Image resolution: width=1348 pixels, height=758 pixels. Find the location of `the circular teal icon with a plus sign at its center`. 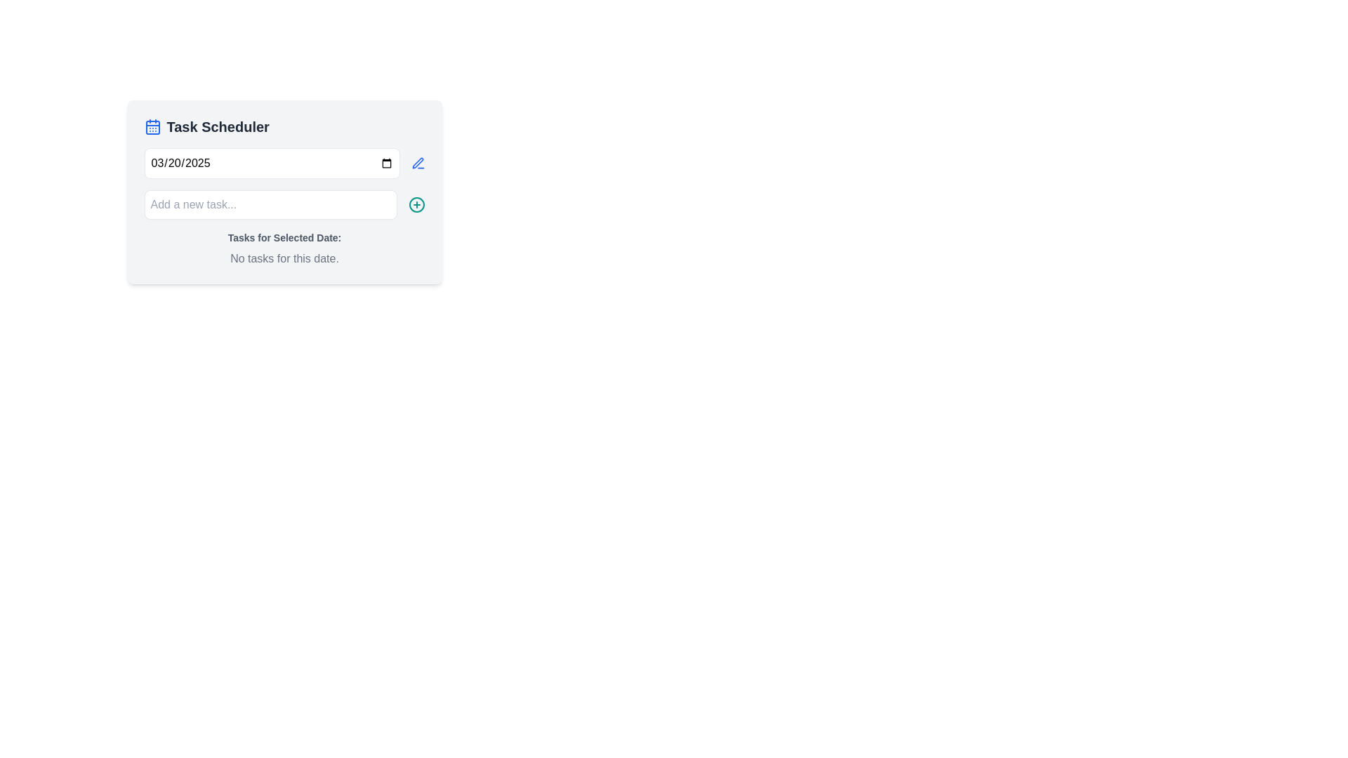

the circular teal icon with a plus sign at its center is located at coordinates (416, 205).